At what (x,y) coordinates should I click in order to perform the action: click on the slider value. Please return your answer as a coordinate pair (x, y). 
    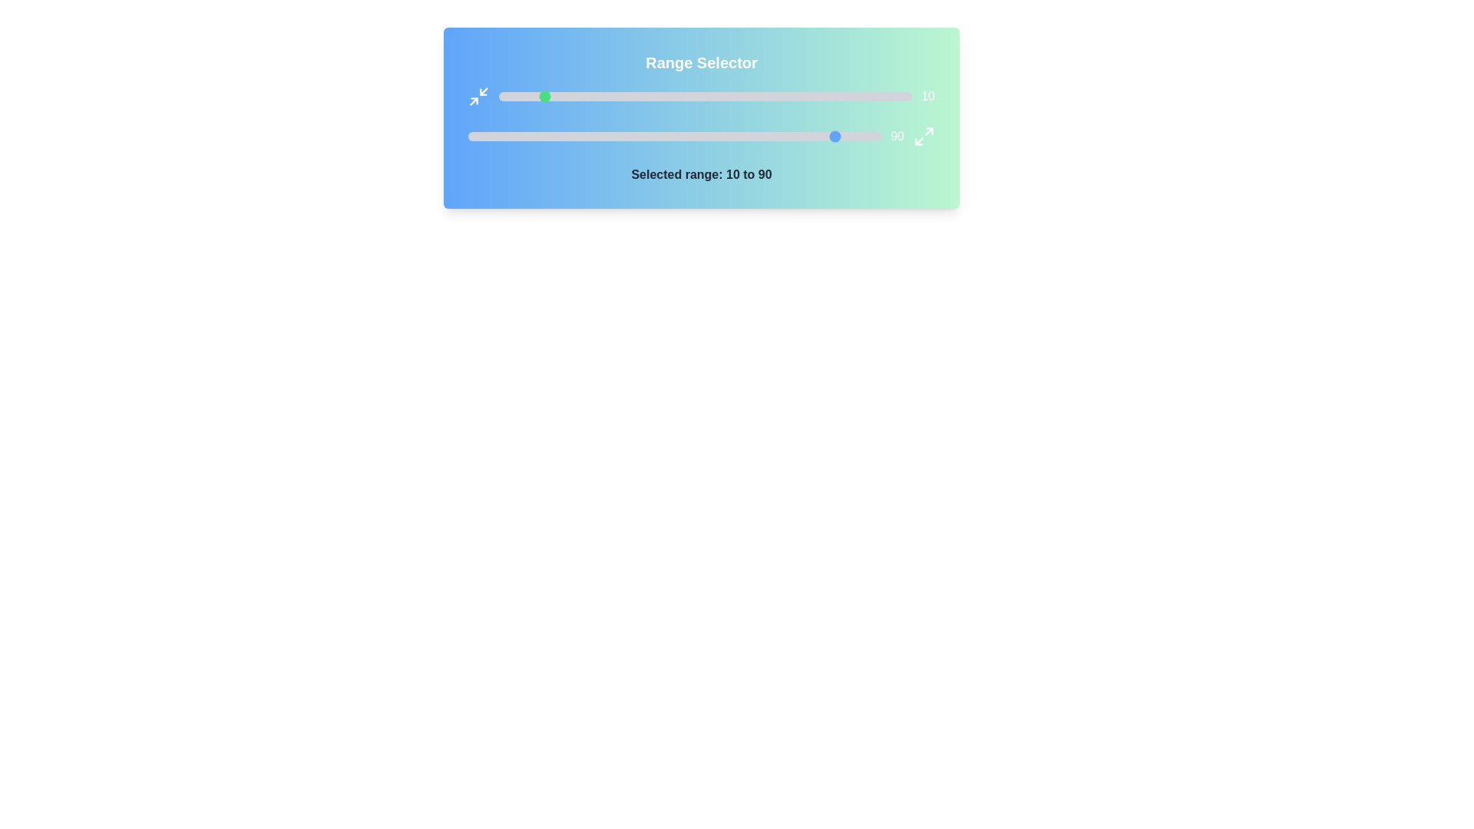
    Looking at the image, I should click on (832, 97).